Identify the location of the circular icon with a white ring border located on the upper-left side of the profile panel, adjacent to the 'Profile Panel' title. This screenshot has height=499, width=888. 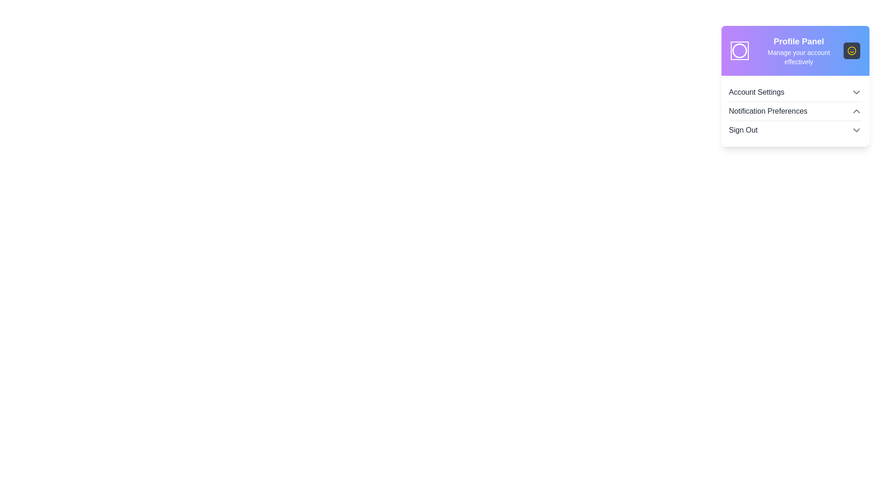
(739, 51).